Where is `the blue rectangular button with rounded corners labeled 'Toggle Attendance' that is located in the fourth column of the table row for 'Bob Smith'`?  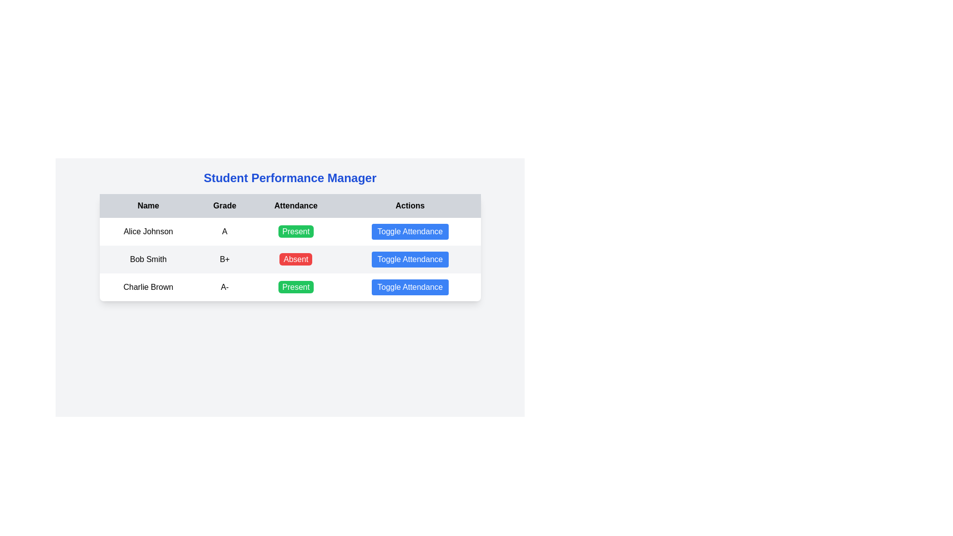 the blue rectangular button with rounded corners labeled 'Toggle Attendance' that is located in the fourth column of the table row for 'Bob Smith' is located at coordinates (410, 259).